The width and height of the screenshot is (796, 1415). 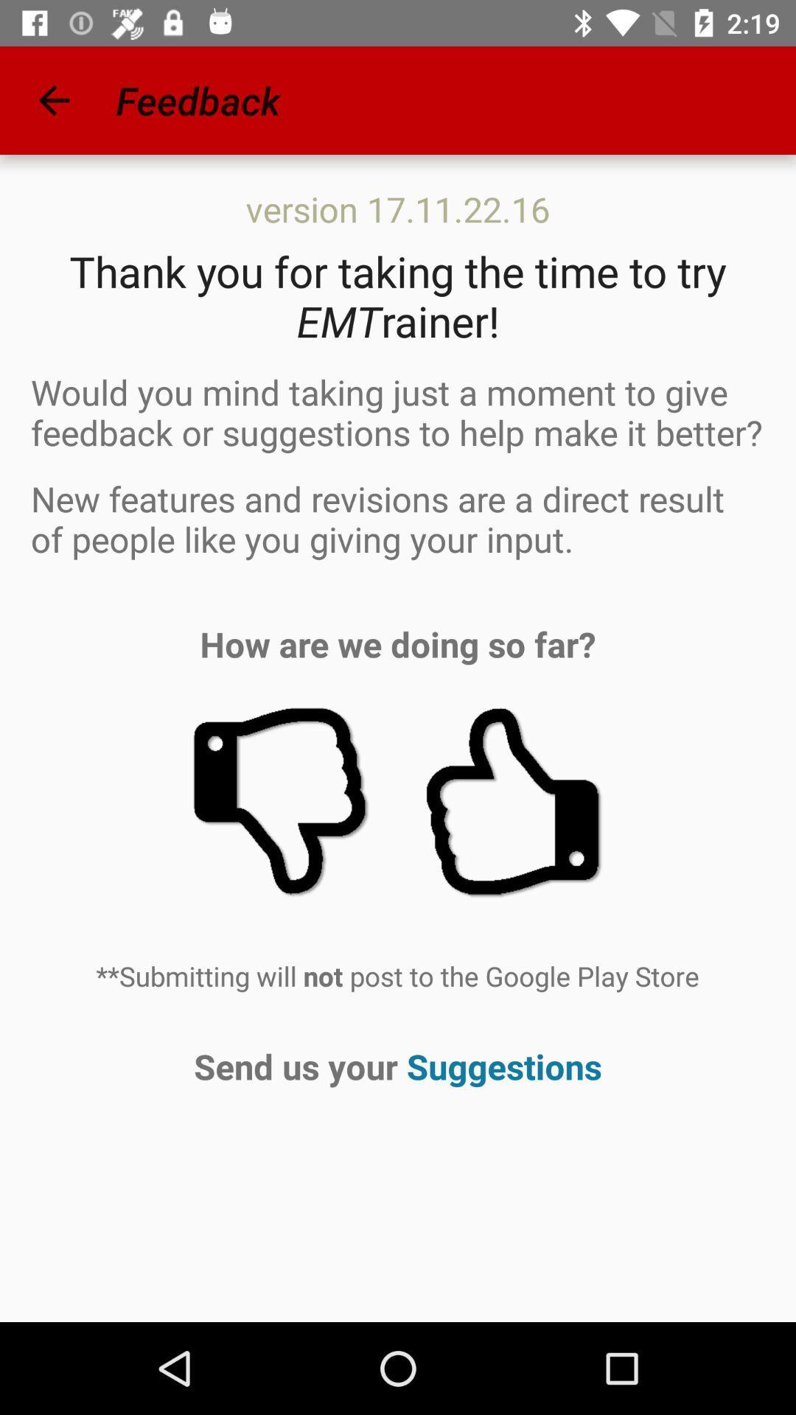 I want to click on app to the left of feedback icon, so click(x=53, y=99).